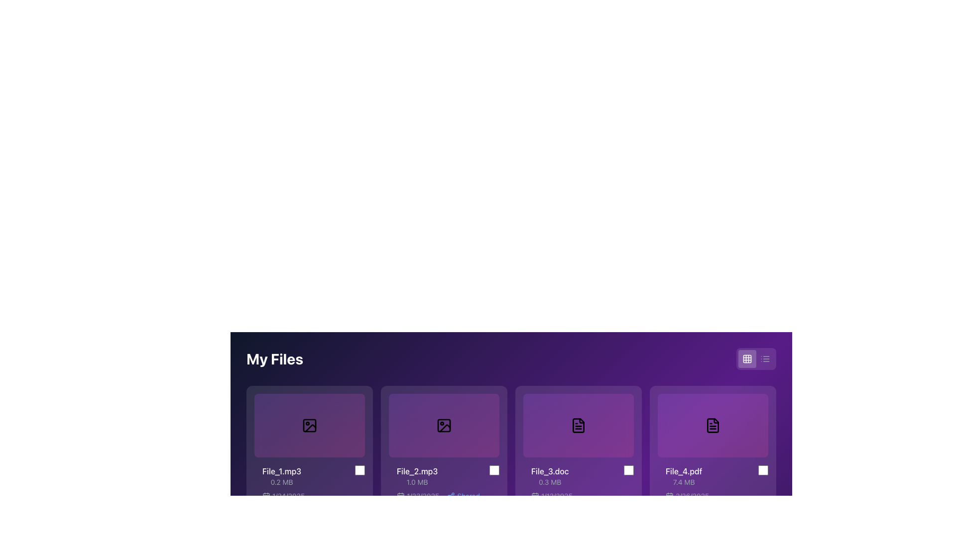 Image resolution: width=956 pixels, height=537 pixels. I want to click on the top-left square of the grid icon, which is part of a grid visualization, located in the top-right region of the UI adjacent to a list view toggle button, so click(747, 358).